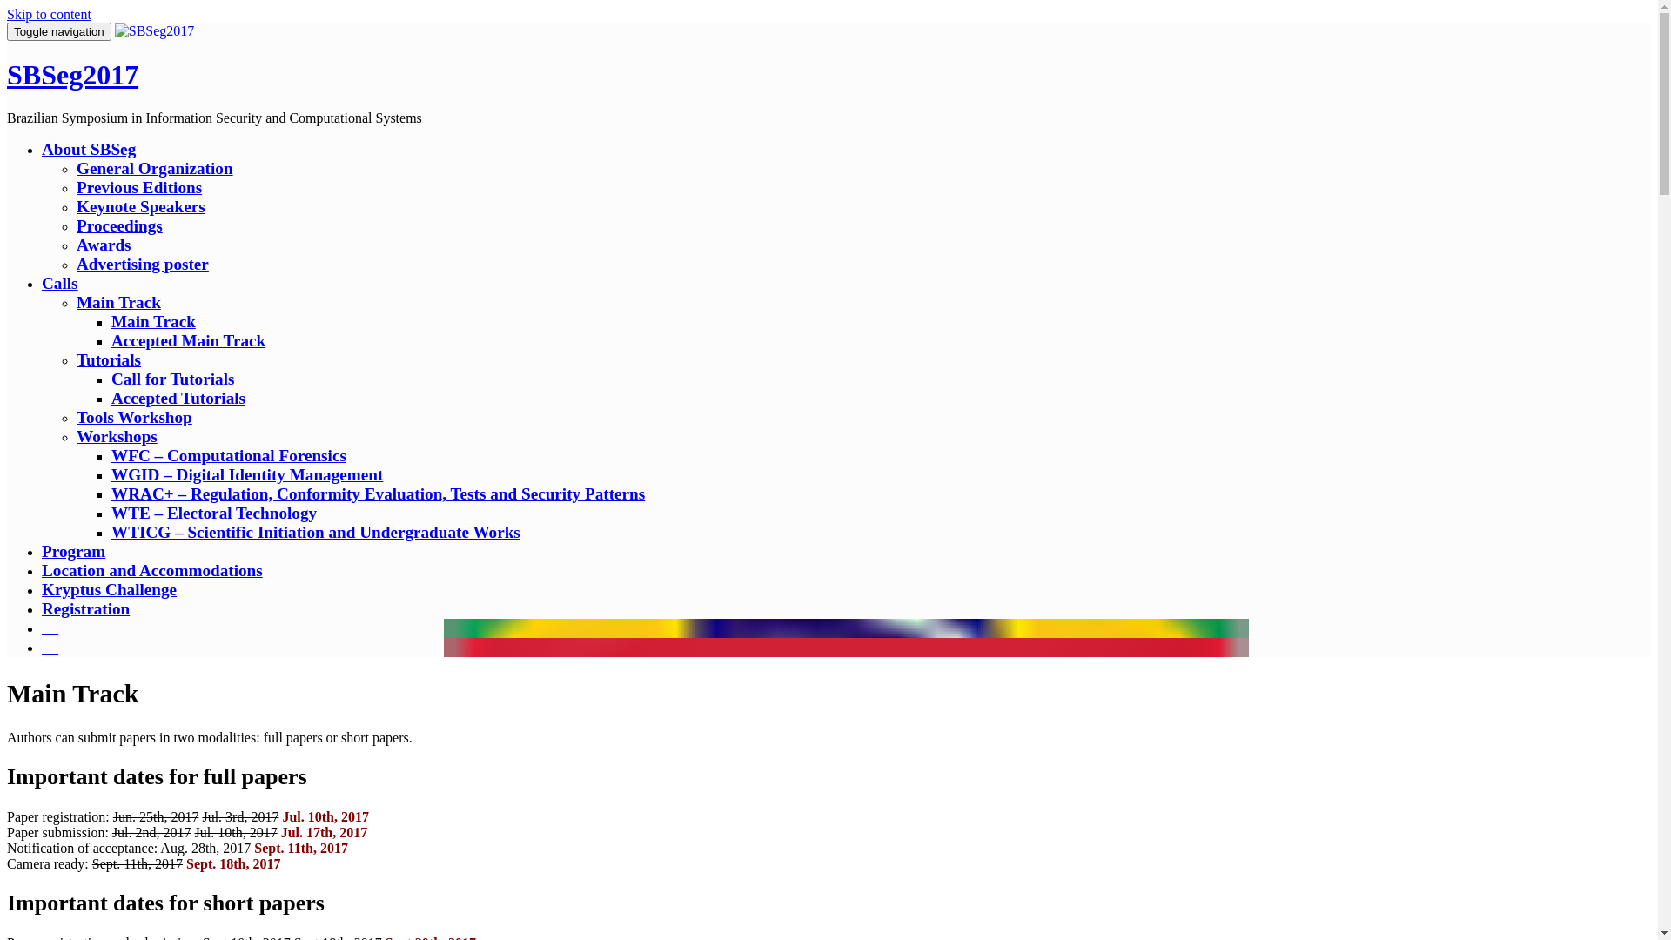 The width and height of the screenshot is (1671, 940). I want to click on 'Tutorials', so click(75, 359).